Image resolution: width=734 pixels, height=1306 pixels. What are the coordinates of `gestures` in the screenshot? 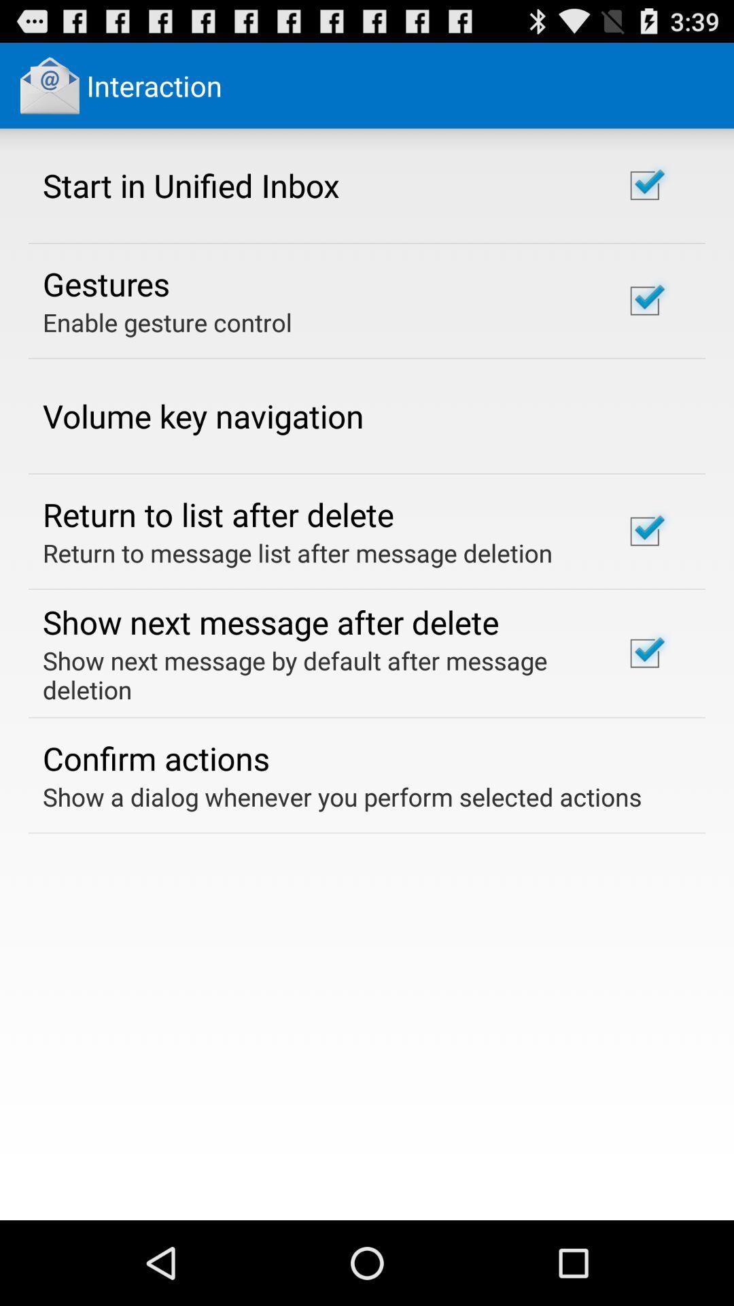 It's located at (105, 283).